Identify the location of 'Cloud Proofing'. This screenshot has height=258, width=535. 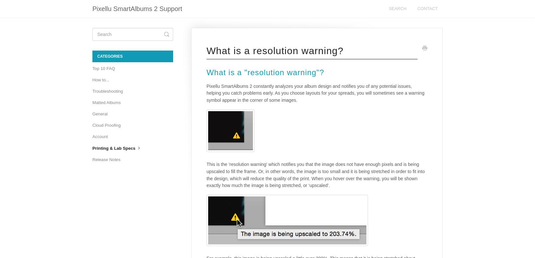
(106, 125).